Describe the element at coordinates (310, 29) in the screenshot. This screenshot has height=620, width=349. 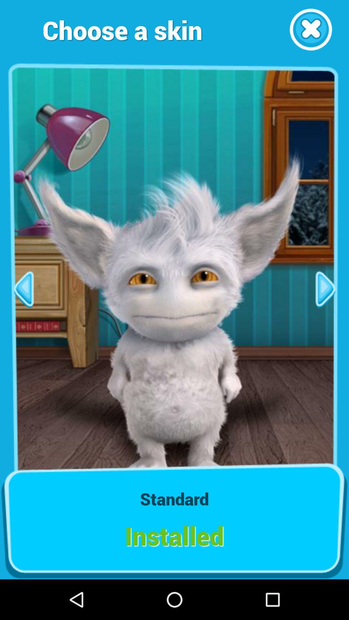
I see `close` at that location.